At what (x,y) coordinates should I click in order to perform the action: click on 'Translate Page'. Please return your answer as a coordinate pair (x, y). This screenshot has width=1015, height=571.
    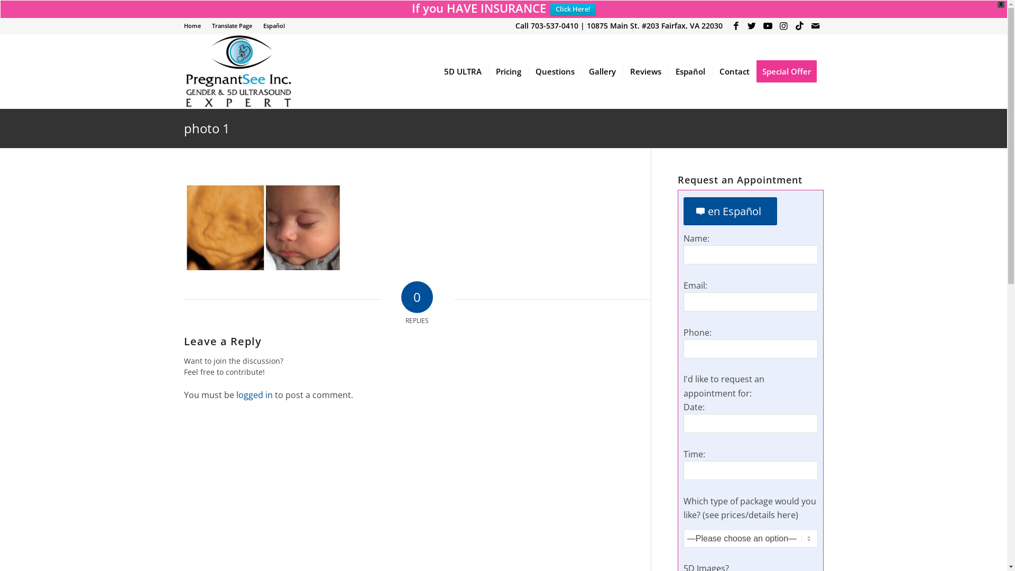
    Looking at the image, I should click on (230, 25).